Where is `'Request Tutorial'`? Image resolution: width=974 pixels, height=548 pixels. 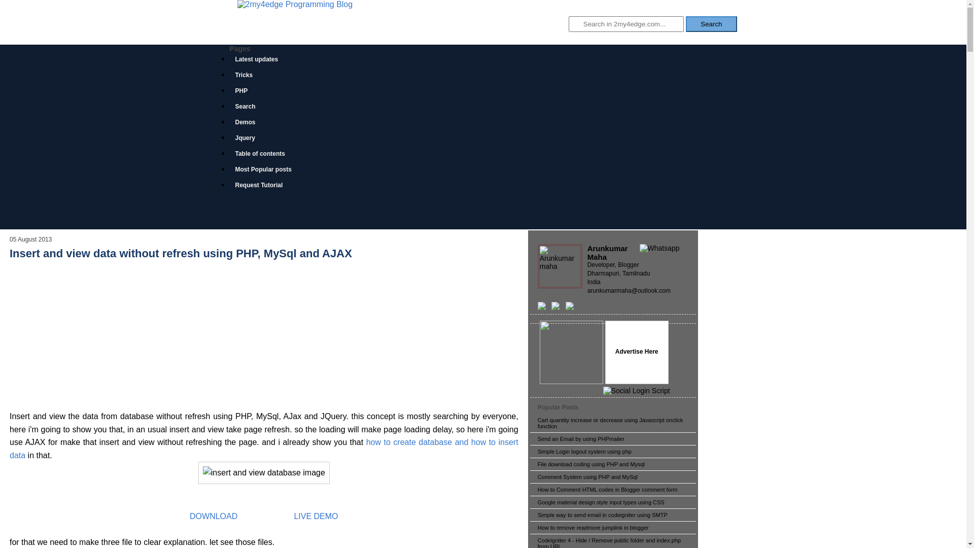 'Request Tutorial' is located at coordinates (263, 186).